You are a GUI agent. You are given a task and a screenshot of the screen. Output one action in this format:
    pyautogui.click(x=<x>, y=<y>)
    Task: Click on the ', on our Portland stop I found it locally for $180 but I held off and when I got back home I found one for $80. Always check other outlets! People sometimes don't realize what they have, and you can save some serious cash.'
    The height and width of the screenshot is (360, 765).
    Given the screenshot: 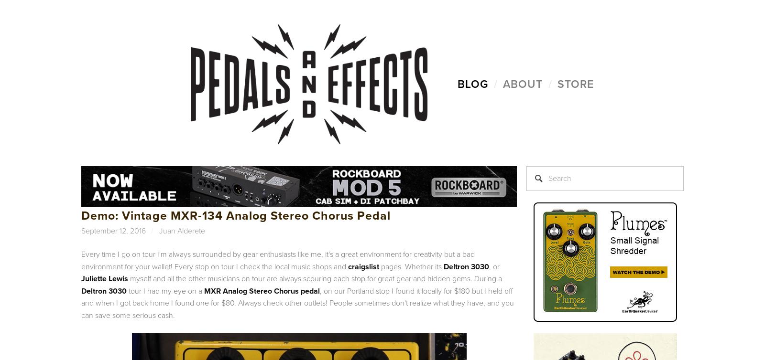 What is the action you would take?
    pyautogui.click(x=297, y=302)
    